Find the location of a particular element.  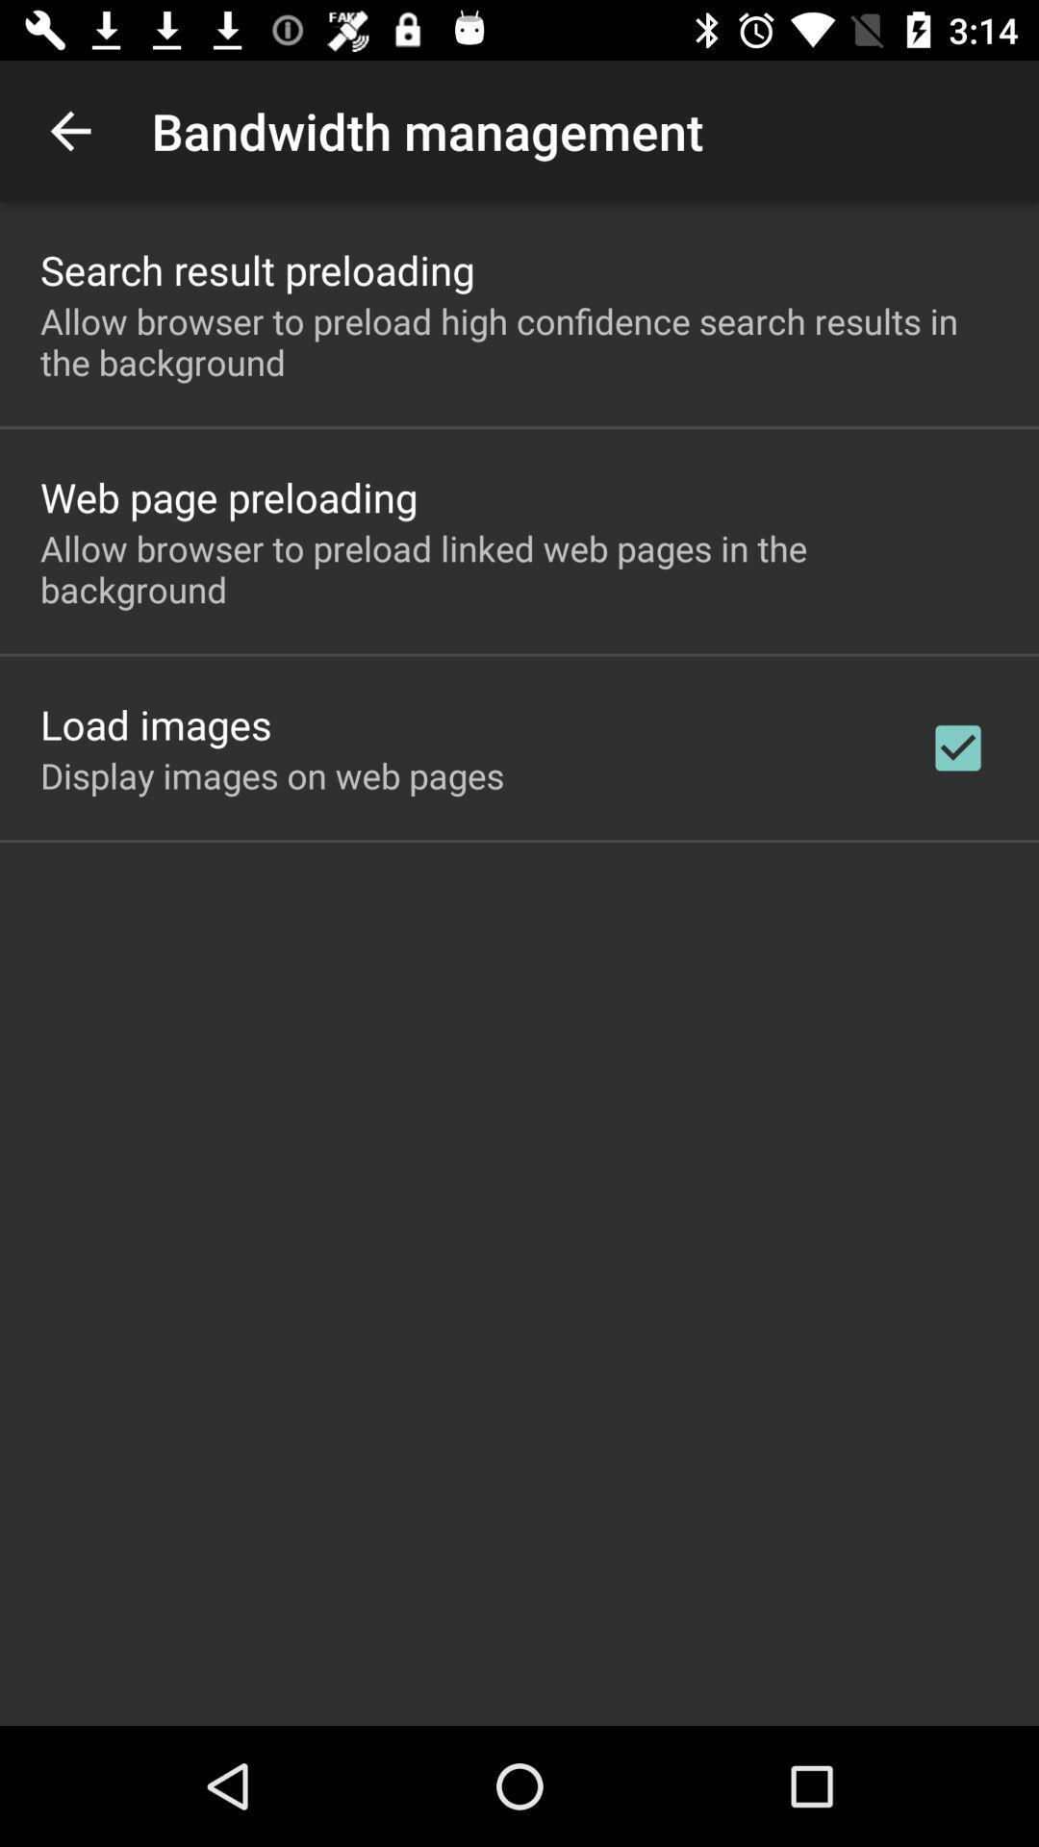

the icon below the load images is located at coordinates (272, 775).